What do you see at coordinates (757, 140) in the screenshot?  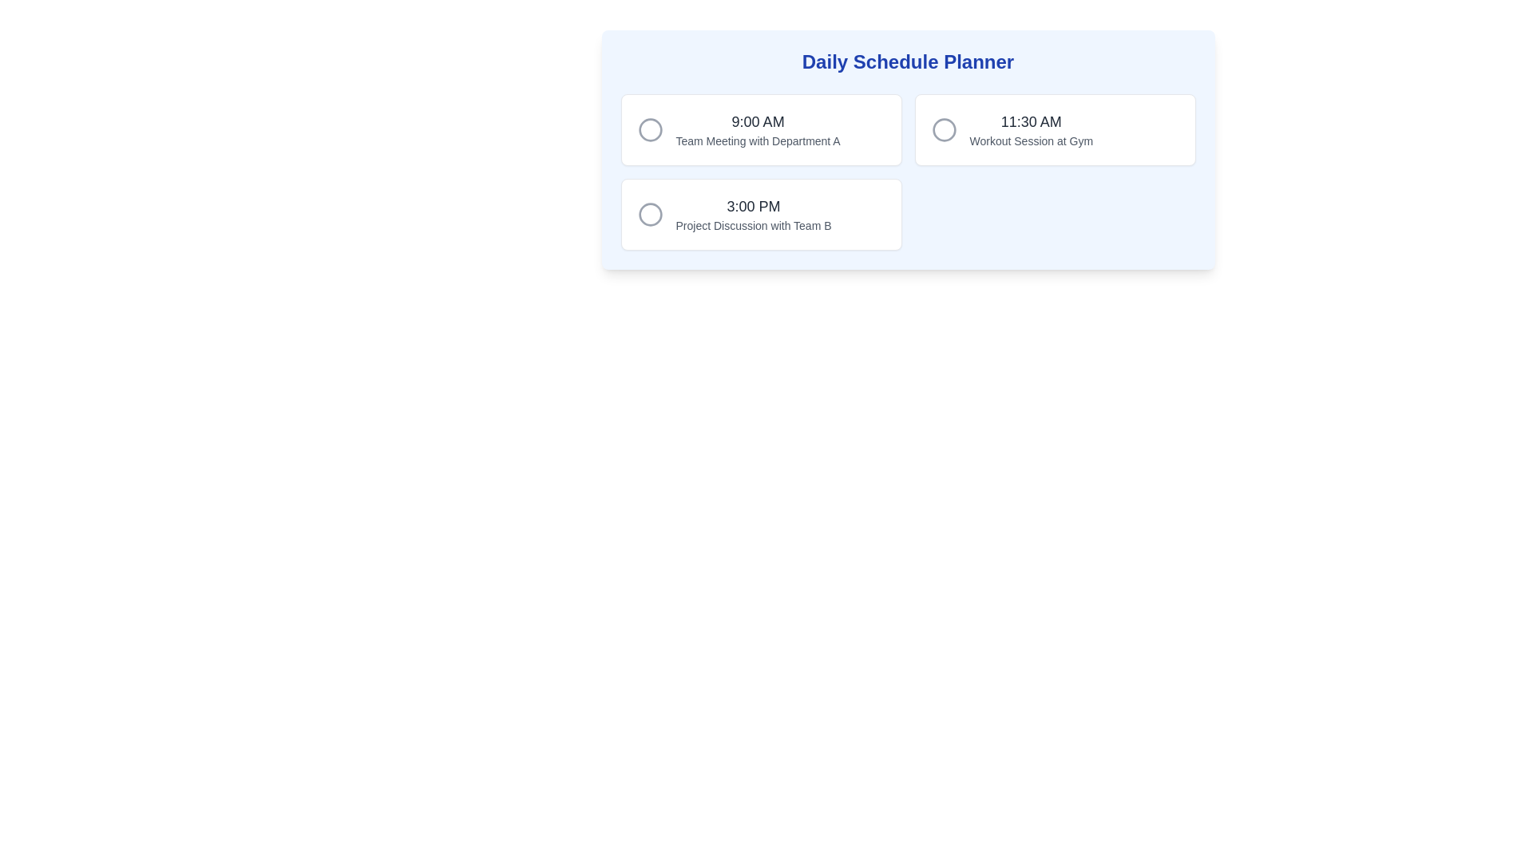 I see `text label displaying 'Team Meeting with Department A', located under '9:00 AM' within the 'Daily Schedule Planner' panel` at bounding box center [757, 140].